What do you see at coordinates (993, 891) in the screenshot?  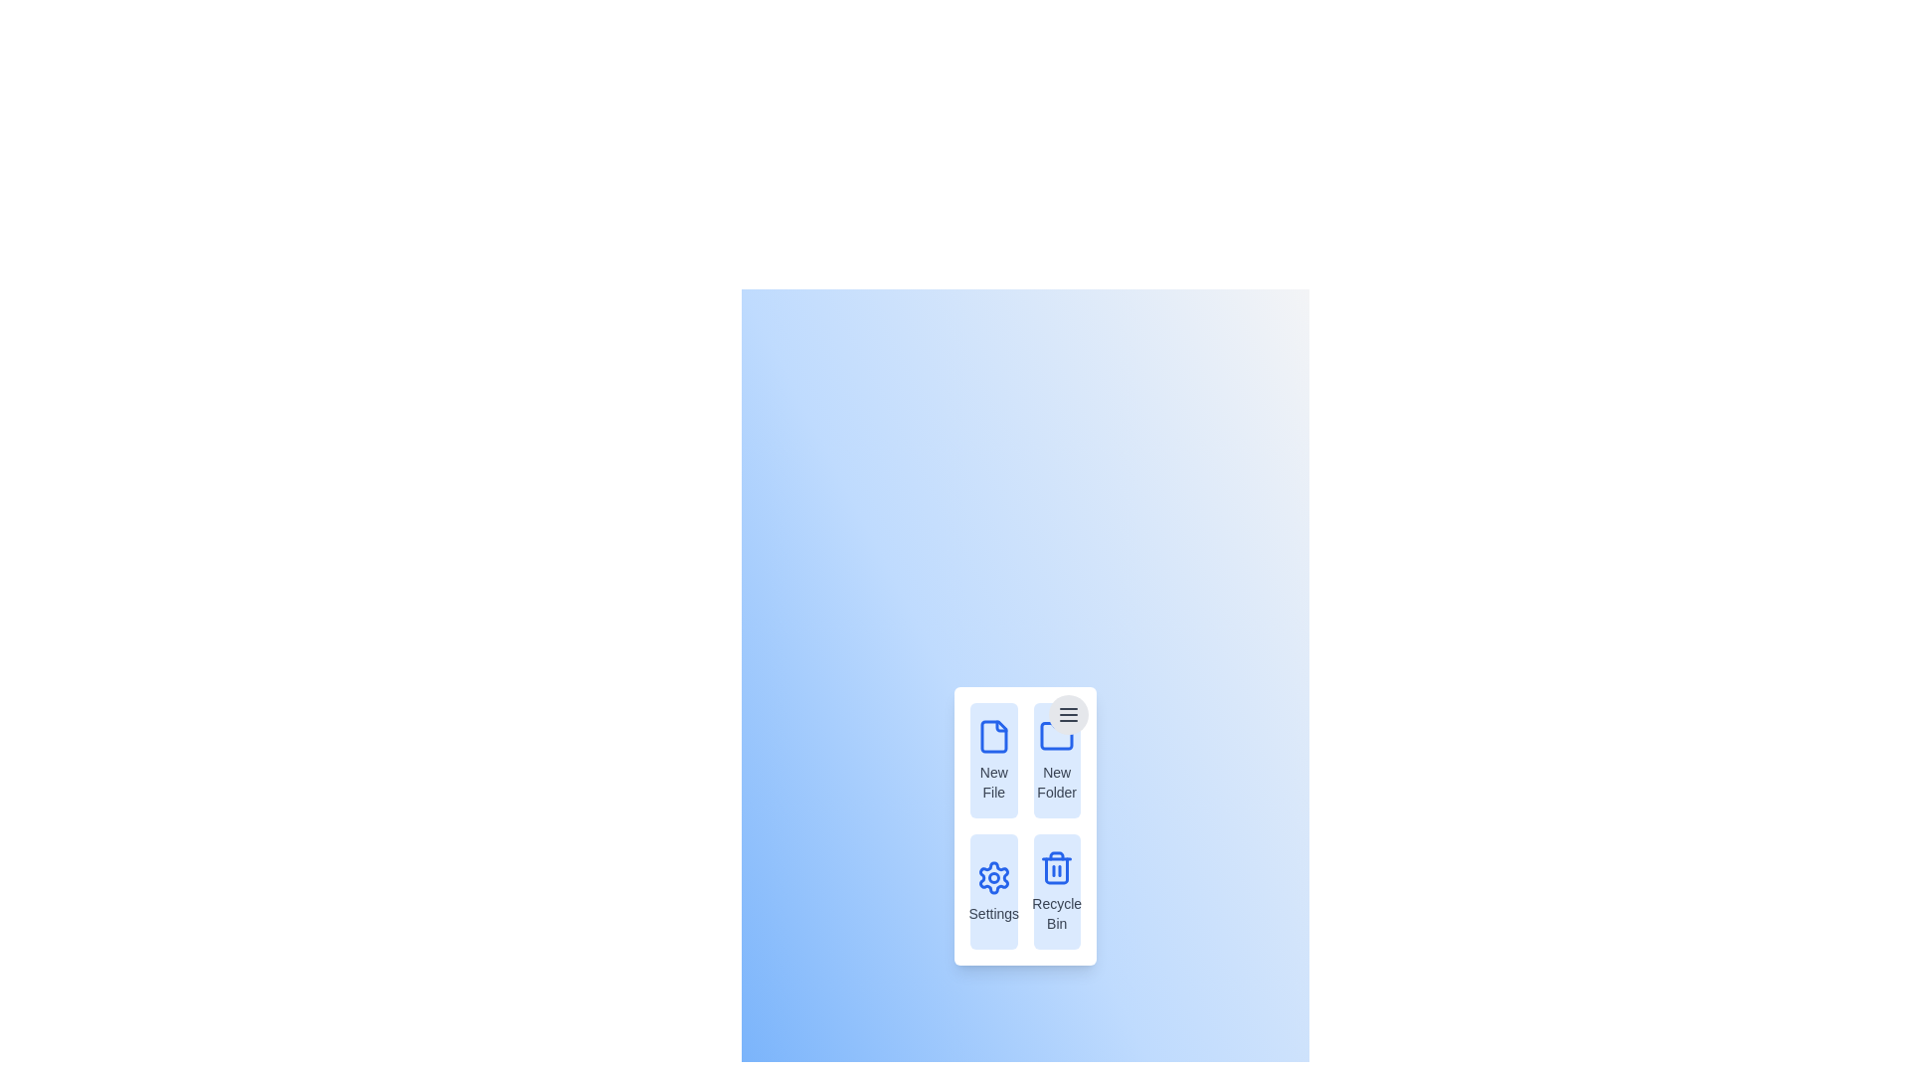 I see `the menu item Settings to observe its hover effect` at bounding box center [993, 891].